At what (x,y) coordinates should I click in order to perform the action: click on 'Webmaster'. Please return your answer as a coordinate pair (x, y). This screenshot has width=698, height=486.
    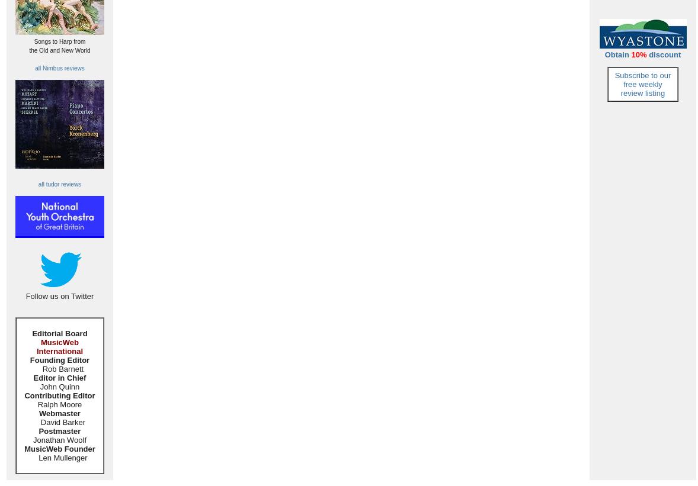
    Looking at the image, I should click on (59, 413).